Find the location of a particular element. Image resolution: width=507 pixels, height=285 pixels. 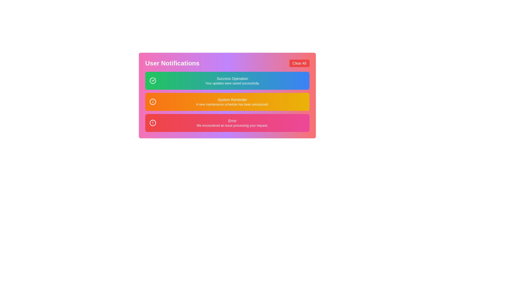

the success indicator icon located at the top-left corner of the notification block labeled 'Success Operation', which is positioned to the left of the text 'Your updates were saved successfully.' is located at coordinates (153, 80).